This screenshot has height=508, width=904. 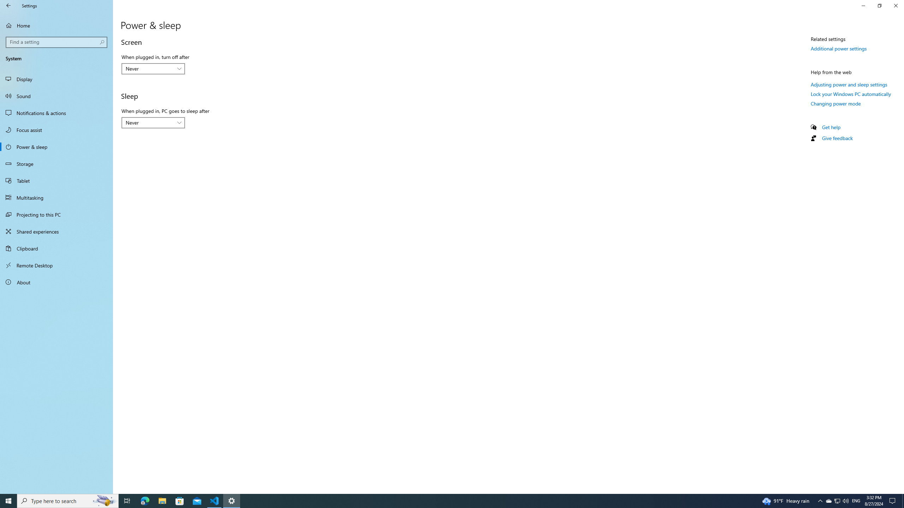 What do you see at coordinates (851, 93) in the screenshot?
I see `'Lock your Windows PC automatically'` at bounding box center [851, 93].